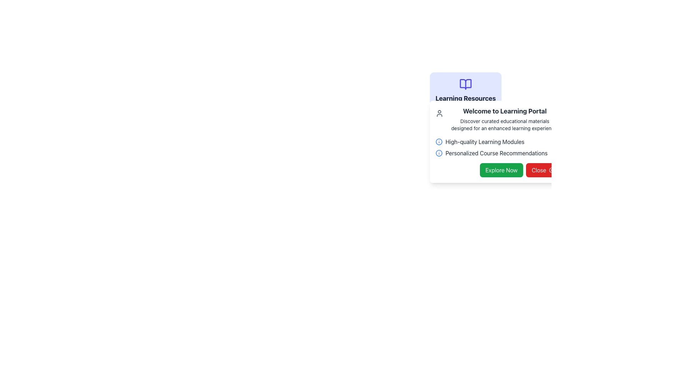 The image size is (681, 383). I want to click on descriptive text located immediately below the 'Welcome to Learning Portal' heading, which provides additional context for the section, so click(504, 124).